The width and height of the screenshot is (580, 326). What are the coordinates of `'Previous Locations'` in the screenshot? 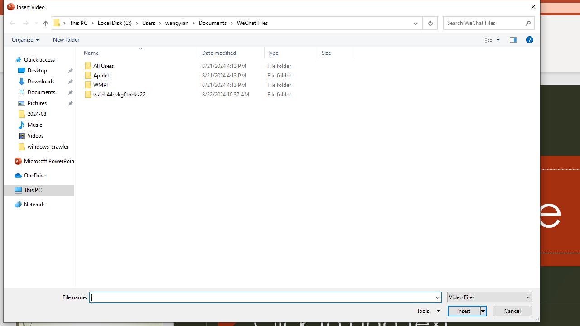 It's located at (414, 23).